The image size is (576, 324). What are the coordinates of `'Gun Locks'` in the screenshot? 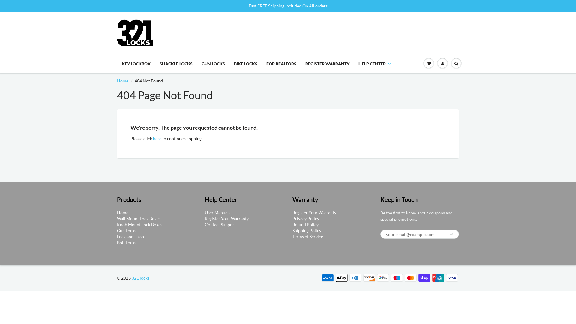 It's located at (126, 230).